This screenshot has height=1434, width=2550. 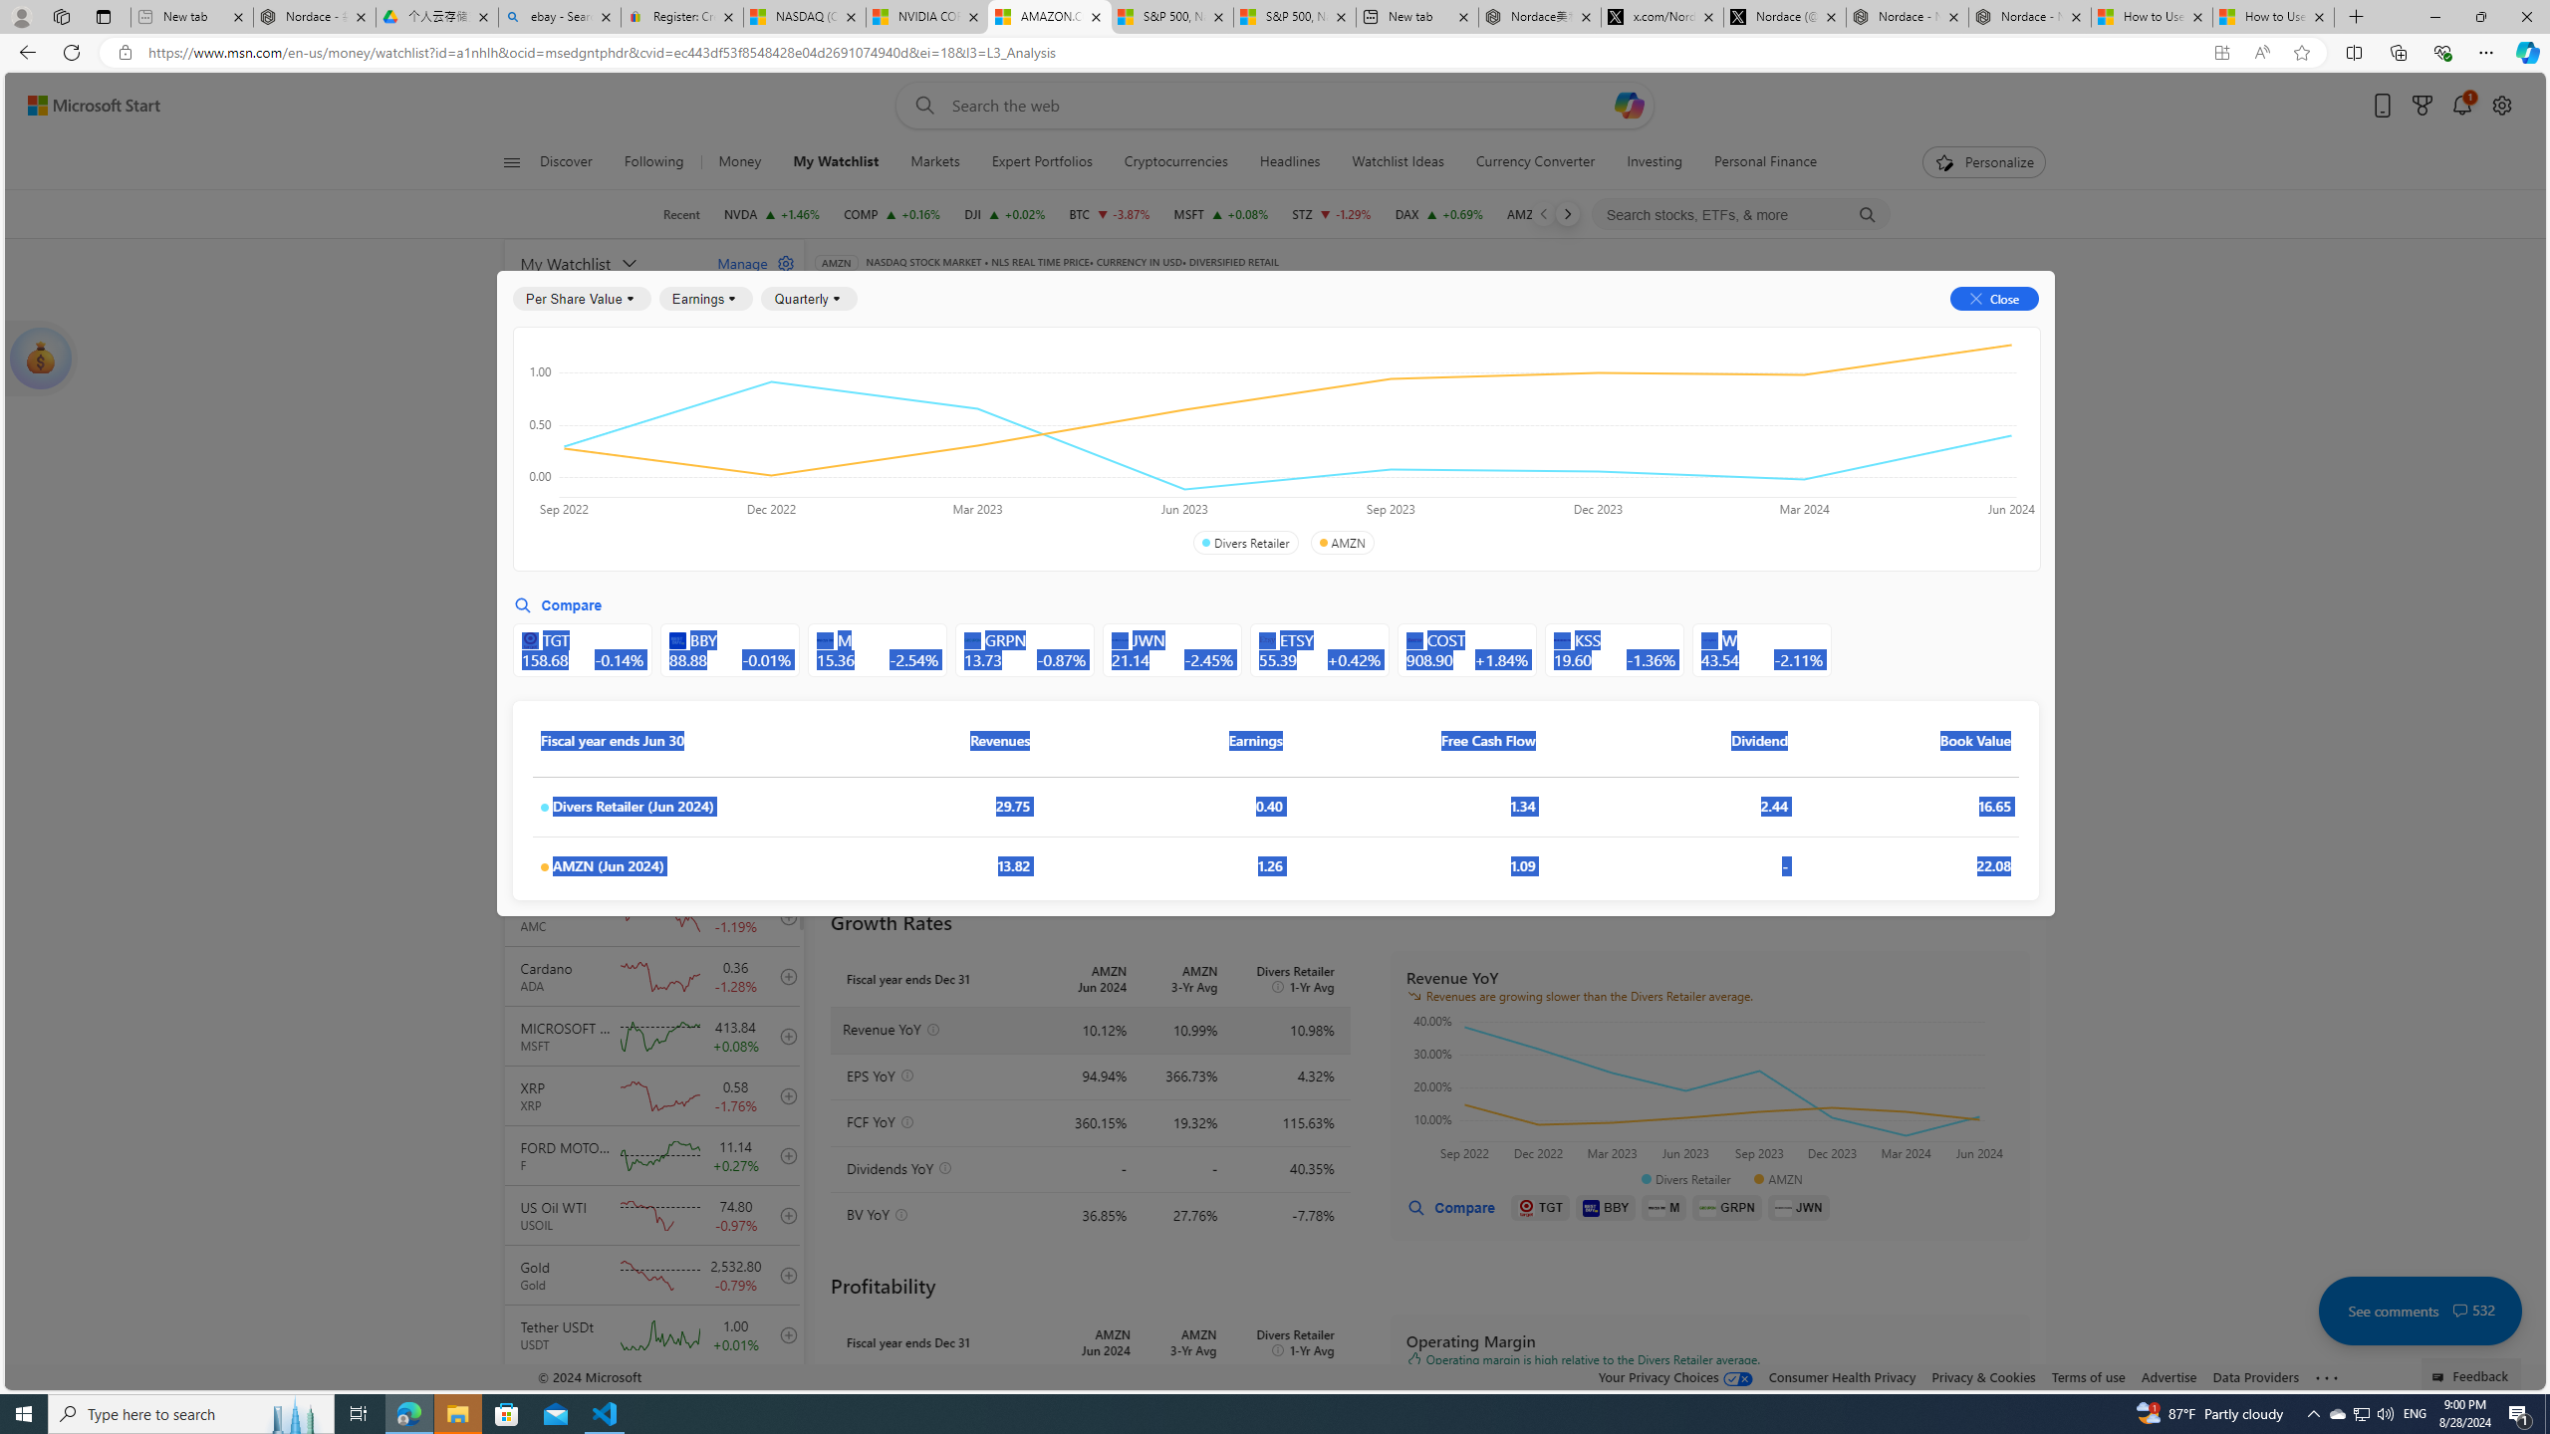 I want to click on 'Class: feedback_link_icon-DS-EntryPoint1-1', so click(x=2440, y=1376).